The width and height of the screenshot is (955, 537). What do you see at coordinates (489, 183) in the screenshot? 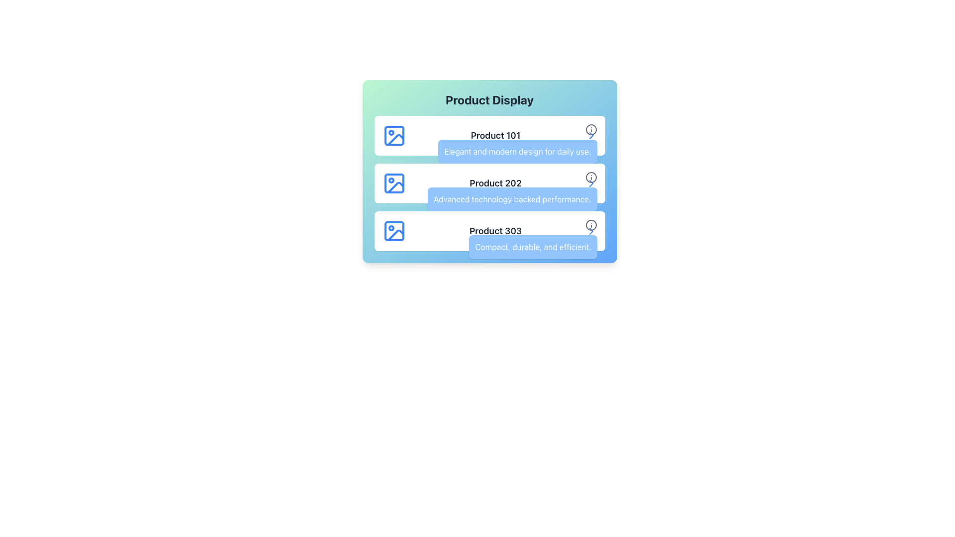
I see `the second product card in the vertical list, which displays the product name and description, to interact with it` at bounding box center [489, 183].